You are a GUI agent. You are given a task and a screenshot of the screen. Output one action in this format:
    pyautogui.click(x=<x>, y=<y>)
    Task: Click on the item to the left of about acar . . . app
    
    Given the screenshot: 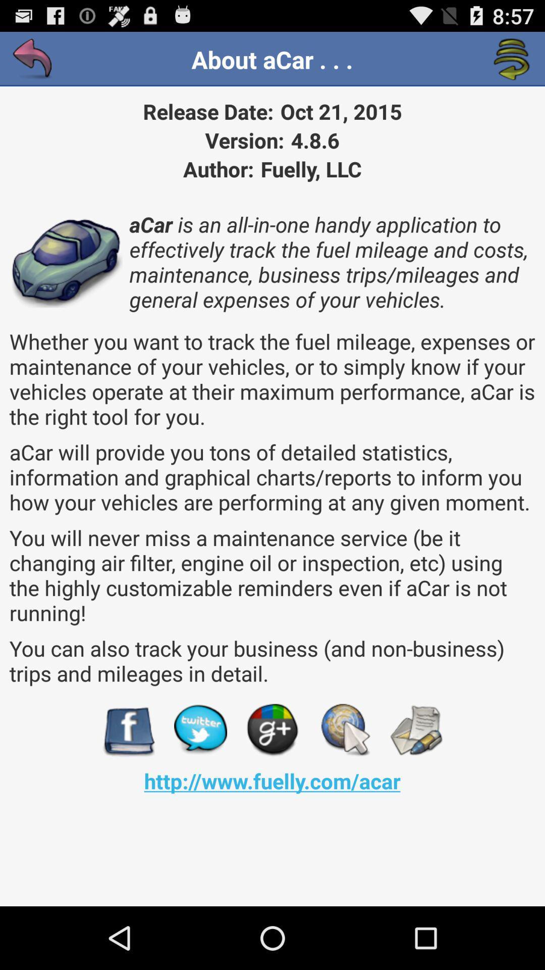 What is the action you would take?
    pyautogui.click(x=32, y=59)
    